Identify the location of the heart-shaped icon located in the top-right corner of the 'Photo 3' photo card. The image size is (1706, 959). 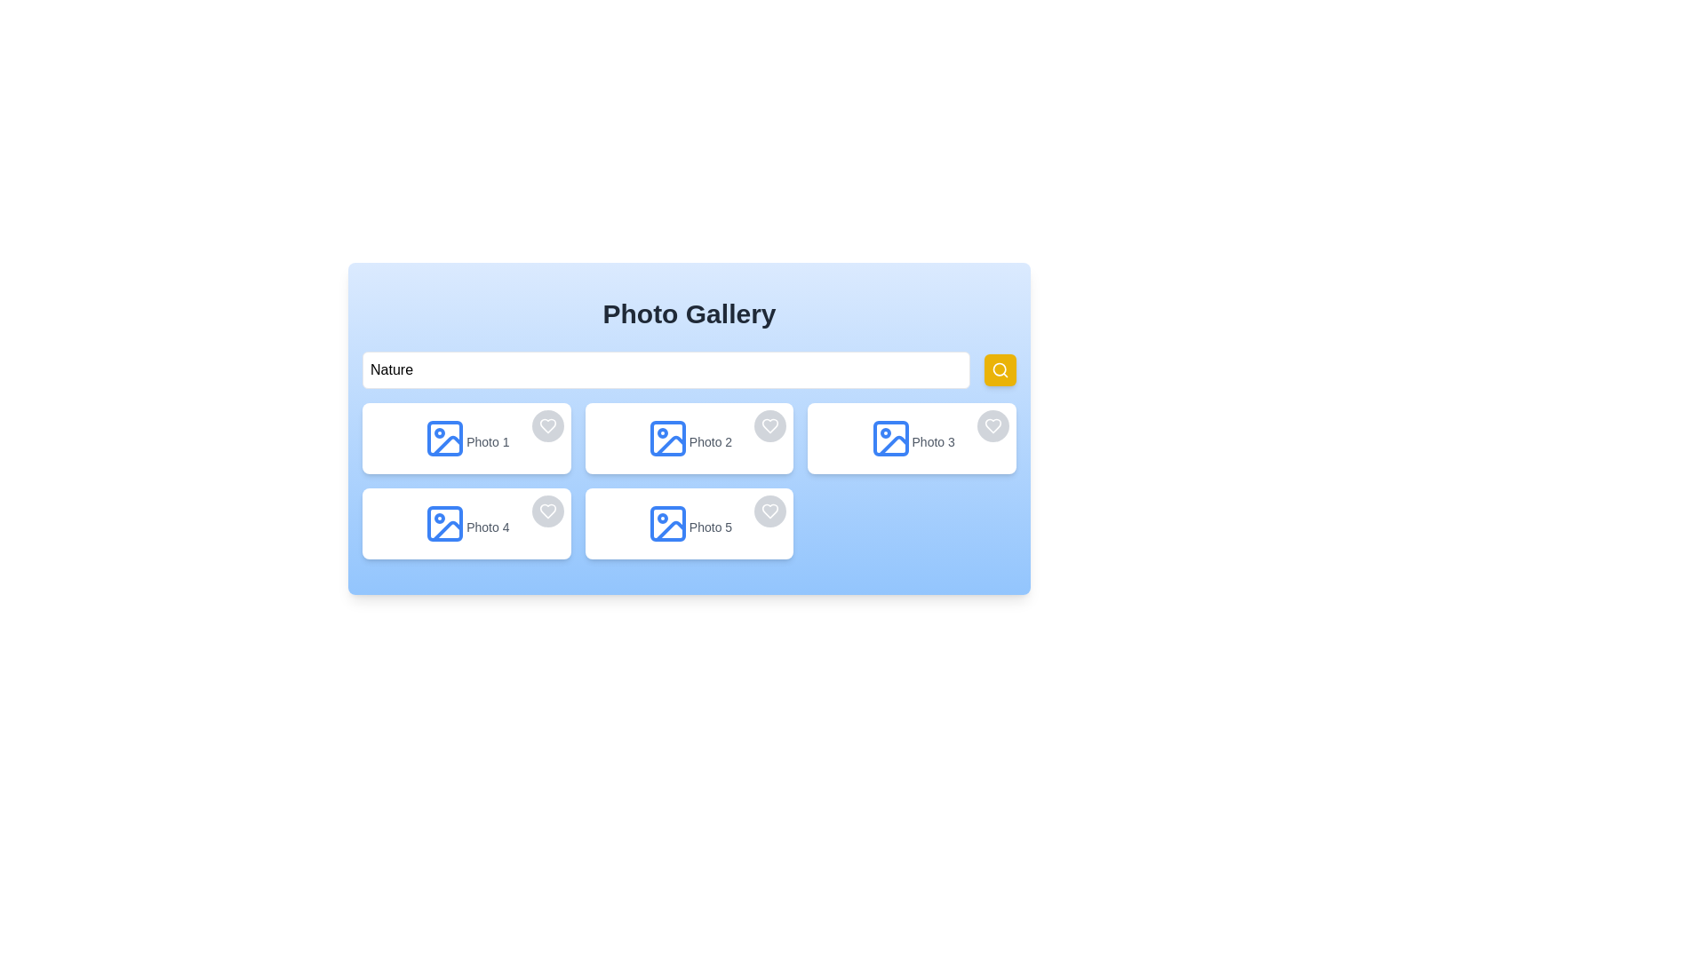
(993, 425).